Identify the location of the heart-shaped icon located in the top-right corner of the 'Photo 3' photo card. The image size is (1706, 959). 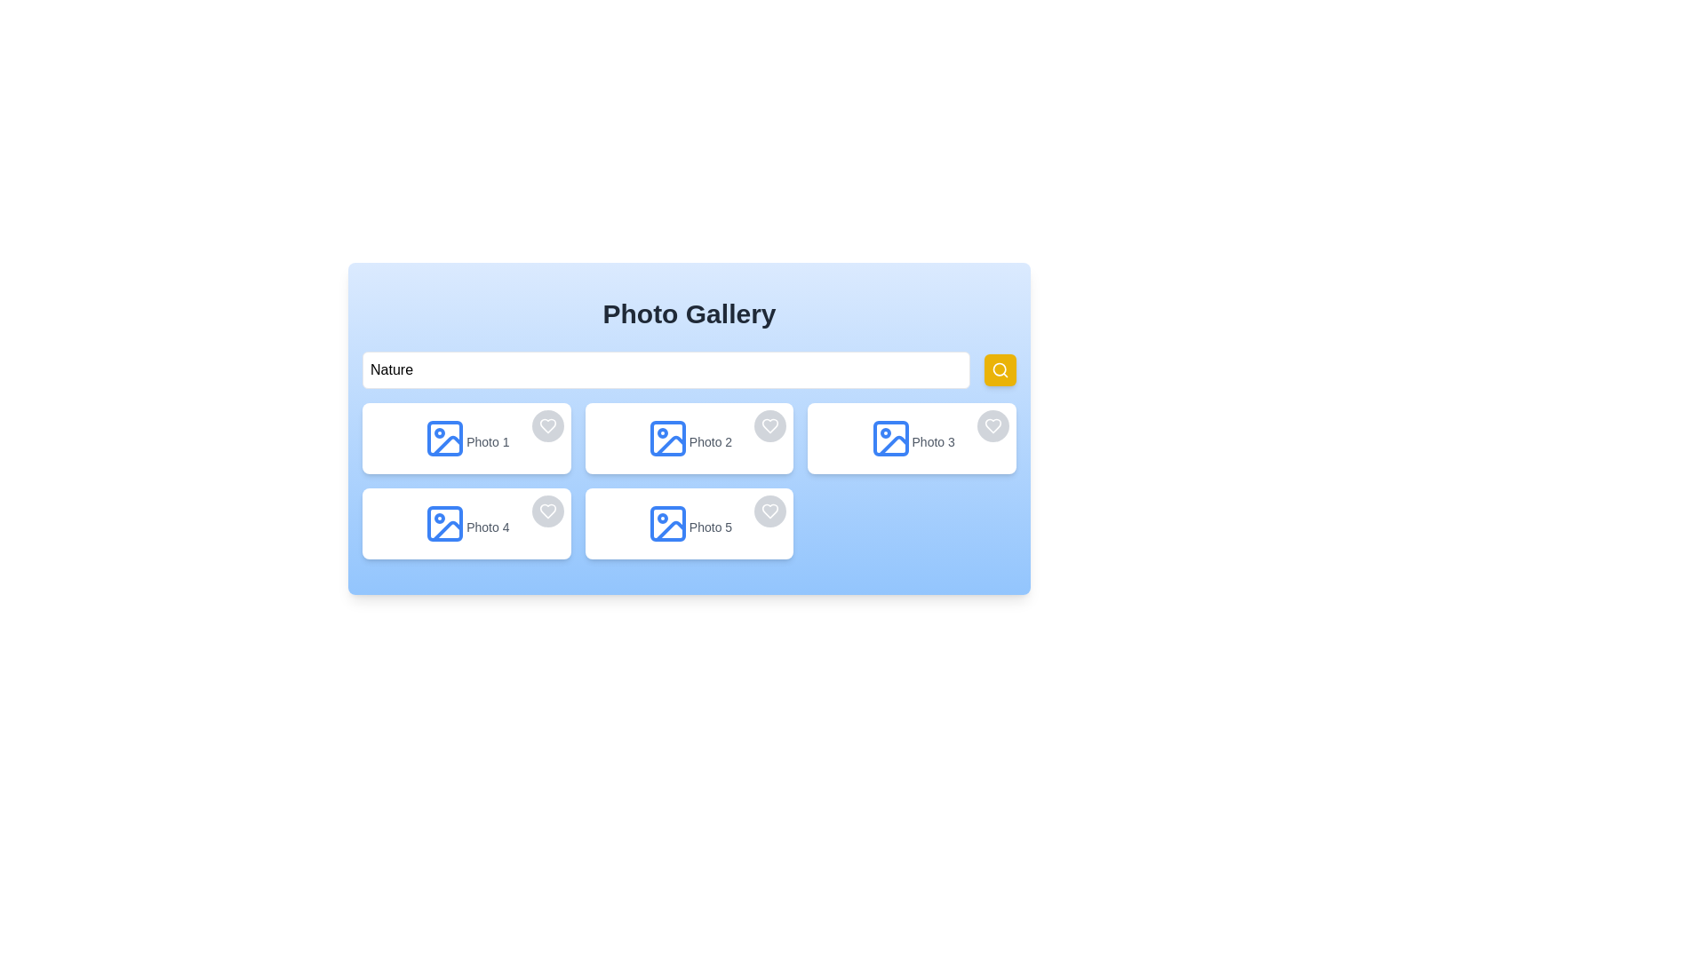
(993, 425).